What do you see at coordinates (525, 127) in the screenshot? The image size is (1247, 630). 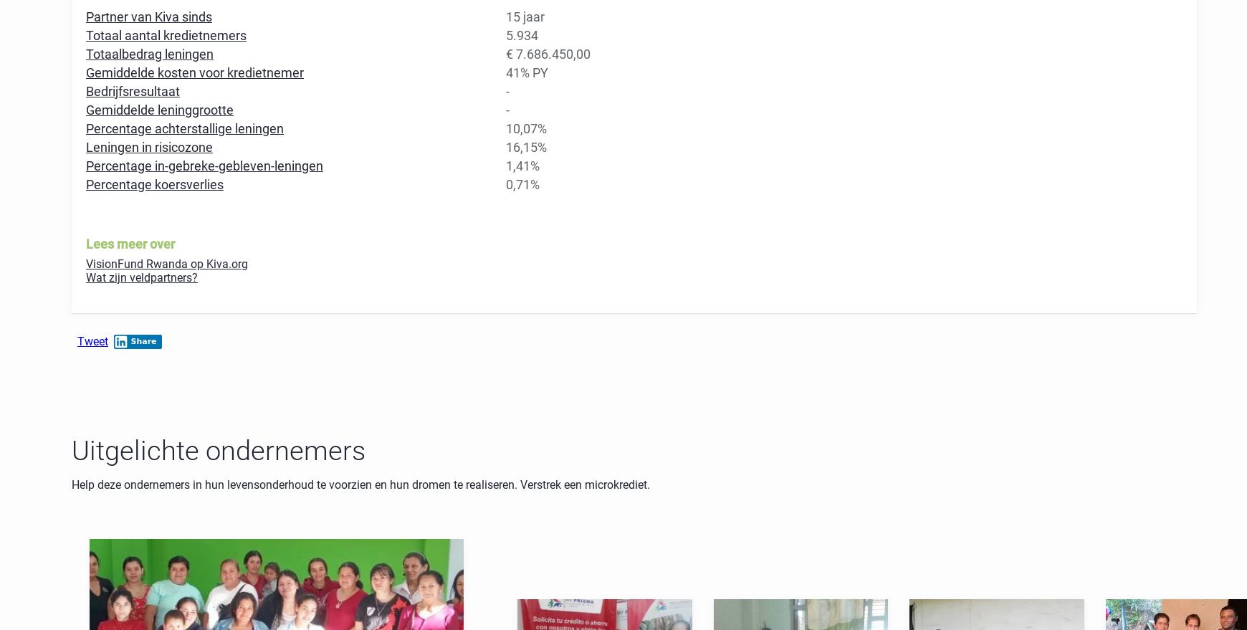 I see `'10,07%'` at bounding box center [525, 127].